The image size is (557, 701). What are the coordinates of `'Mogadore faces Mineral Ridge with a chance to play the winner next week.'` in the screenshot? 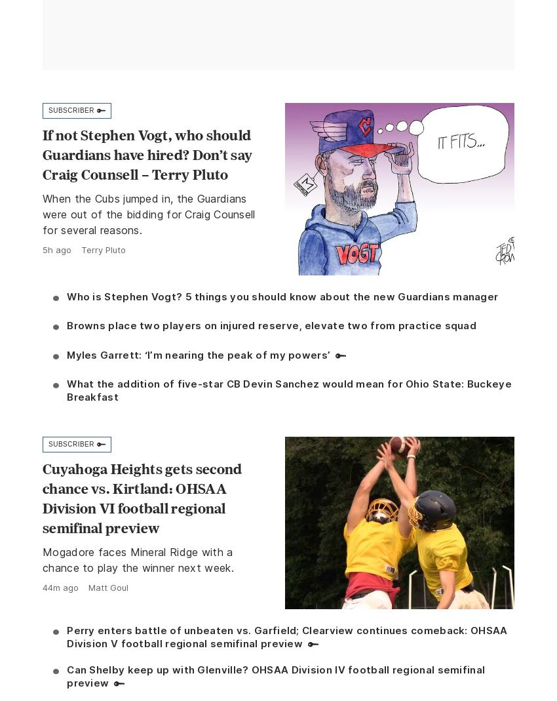 It's located at (137, 560).